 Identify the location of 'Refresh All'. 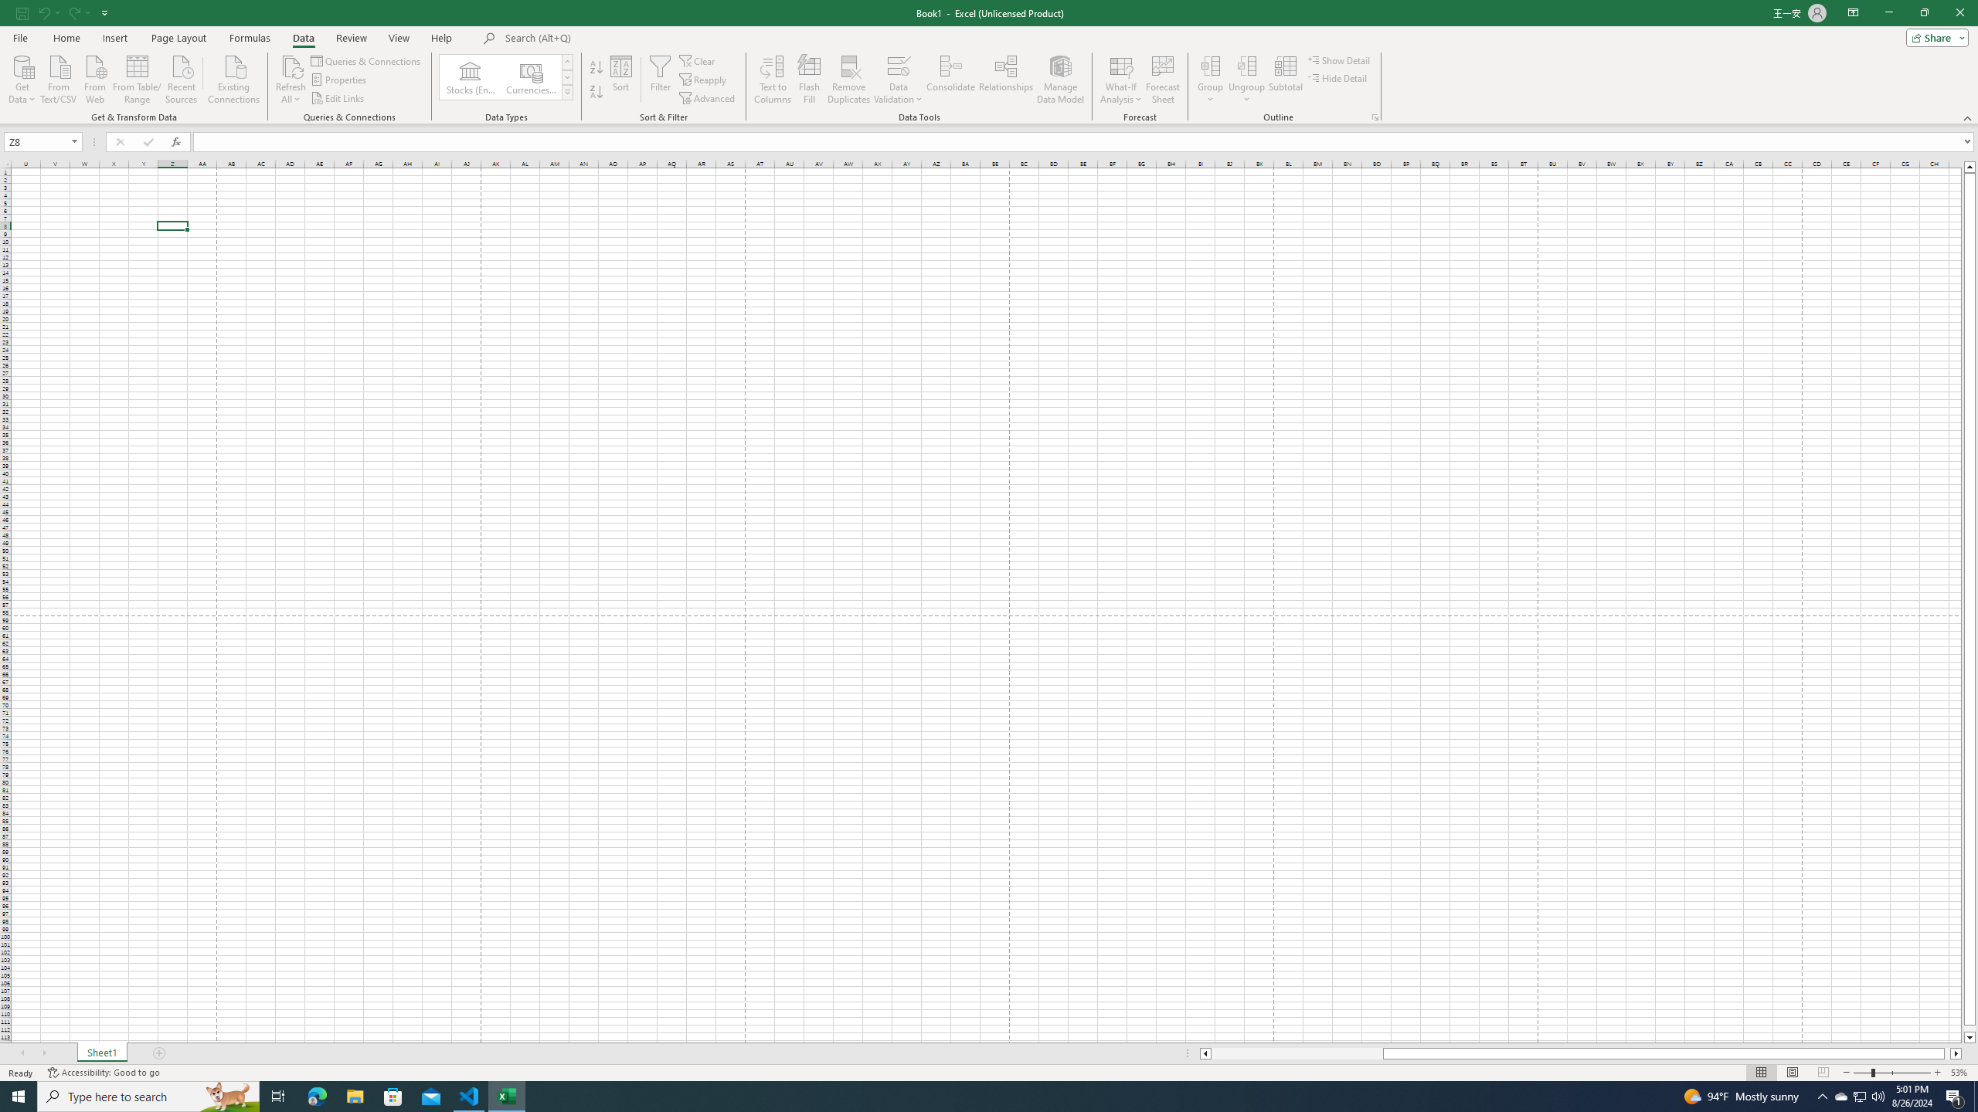
(291, 65).